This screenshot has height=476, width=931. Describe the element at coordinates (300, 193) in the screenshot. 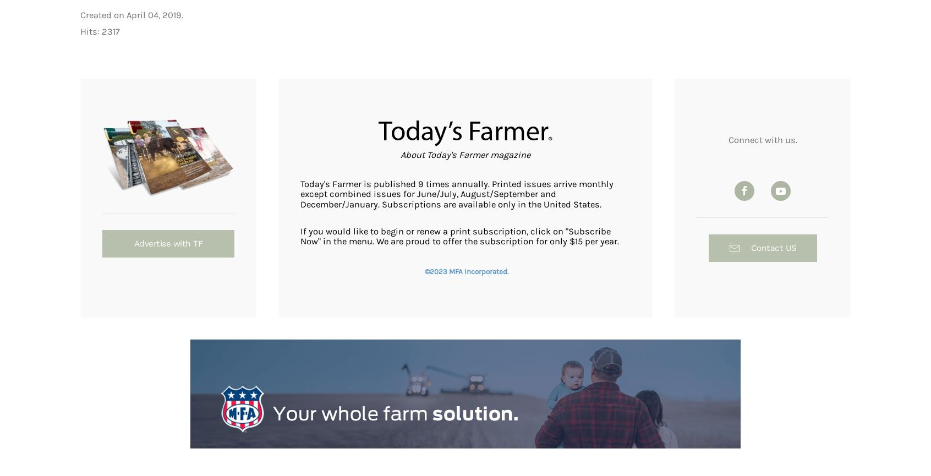

I see `'Today's Farmer is published 9 times annually. Printed issues arrive monthly except combined issues for June/July, August/September and December/January. Subscriptions are available only in the United States.'` at that location.